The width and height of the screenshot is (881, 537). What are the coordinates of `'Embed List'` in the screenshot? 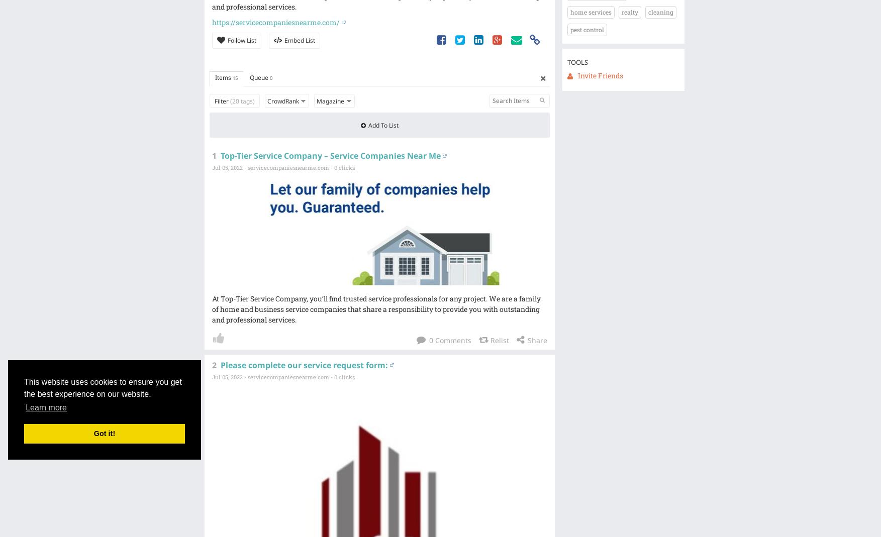 It's located at (283, 40).